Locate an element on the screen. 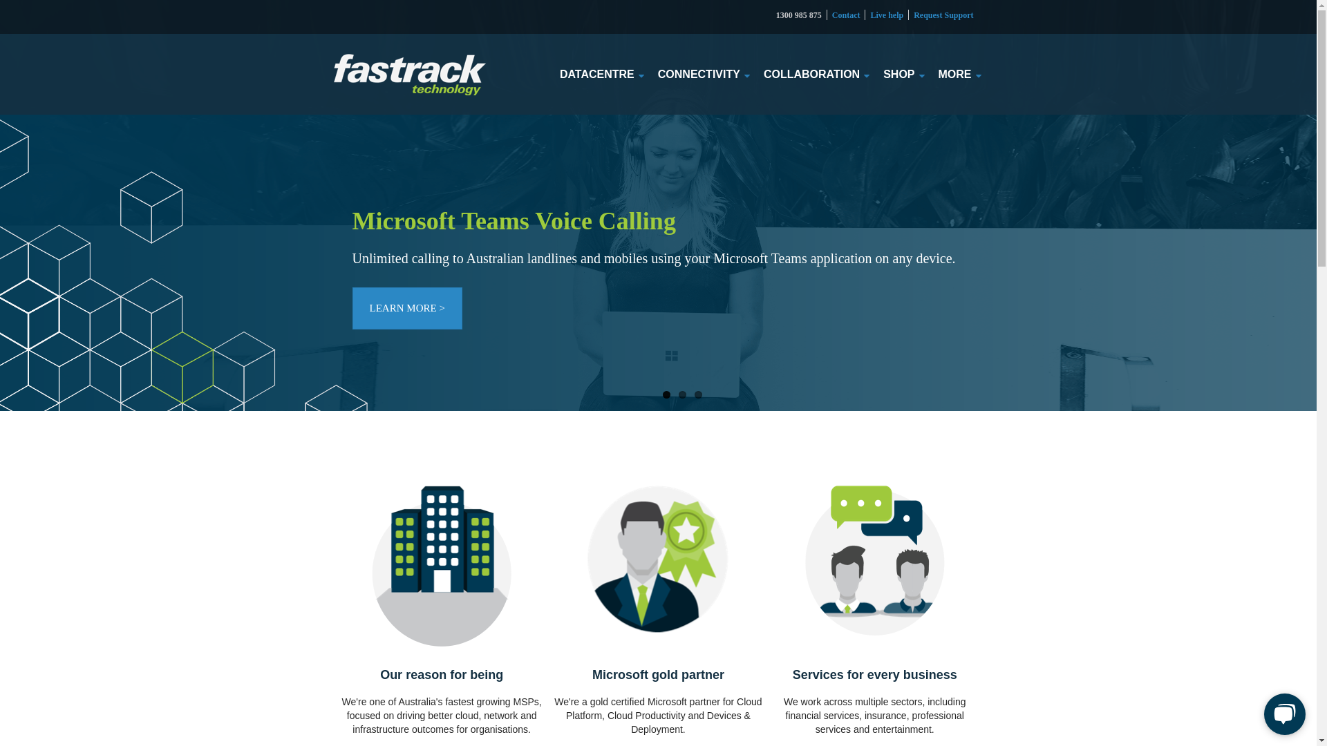 The height and width of the screenshot is (746, 1327). 'CONNECTIVITY' is located at coordinates (699, 74).